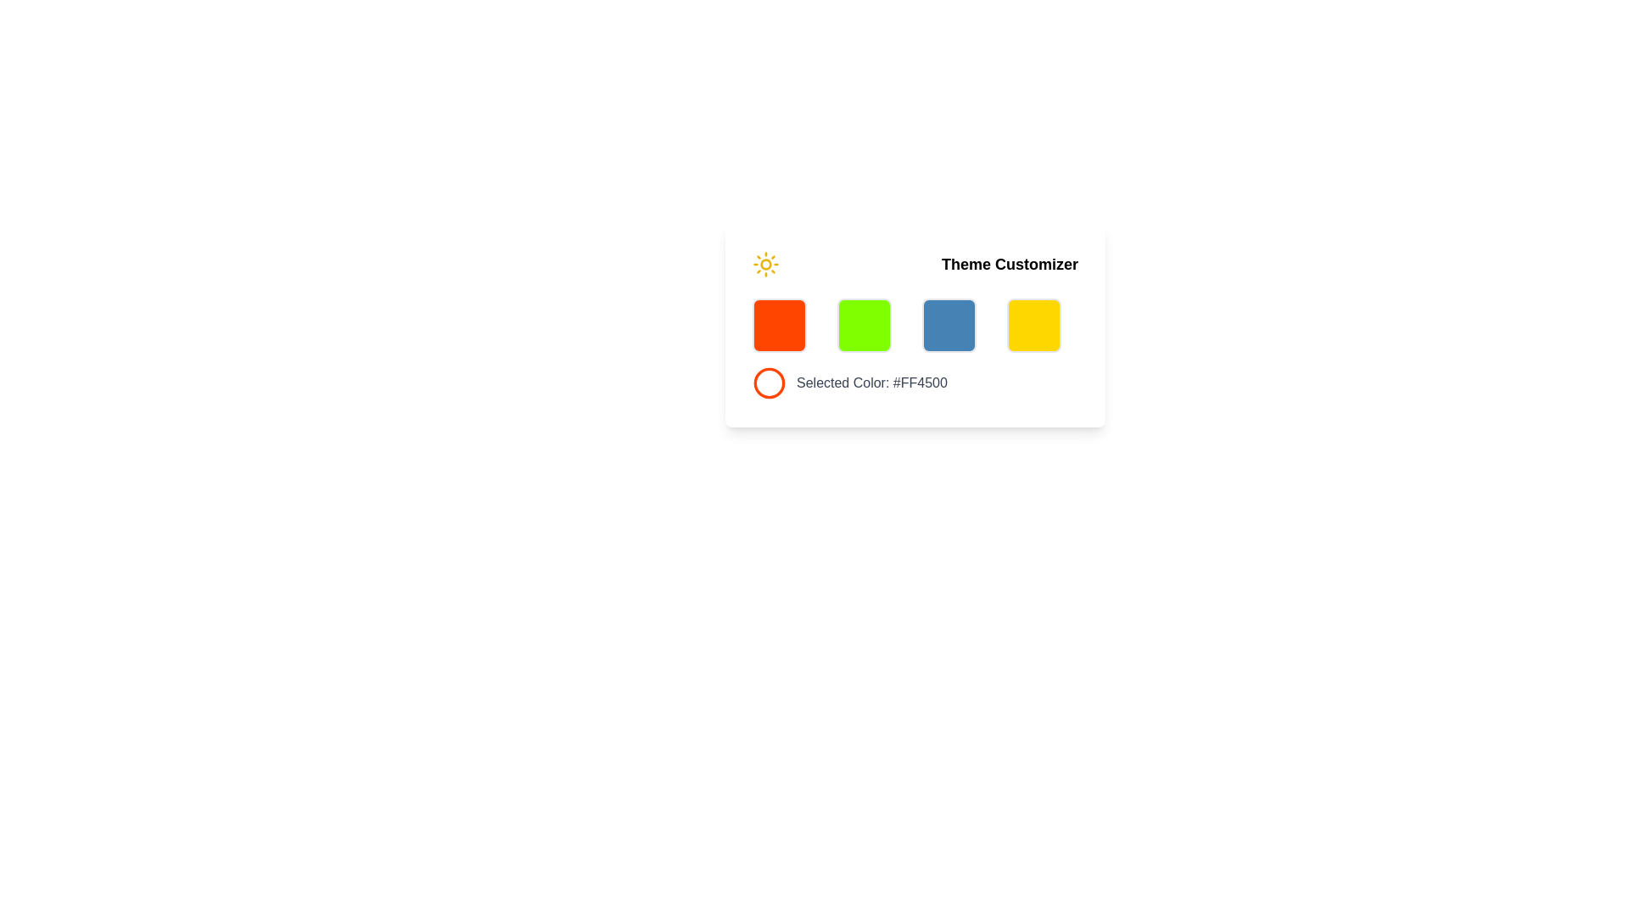 Image resolution: width=1629 pixels, height=916 pixels. Describe the element at coordinates (864, 326) in the screenshot. I see `the vibrant lime green square button with rounded corners, which is the second button` at that location.